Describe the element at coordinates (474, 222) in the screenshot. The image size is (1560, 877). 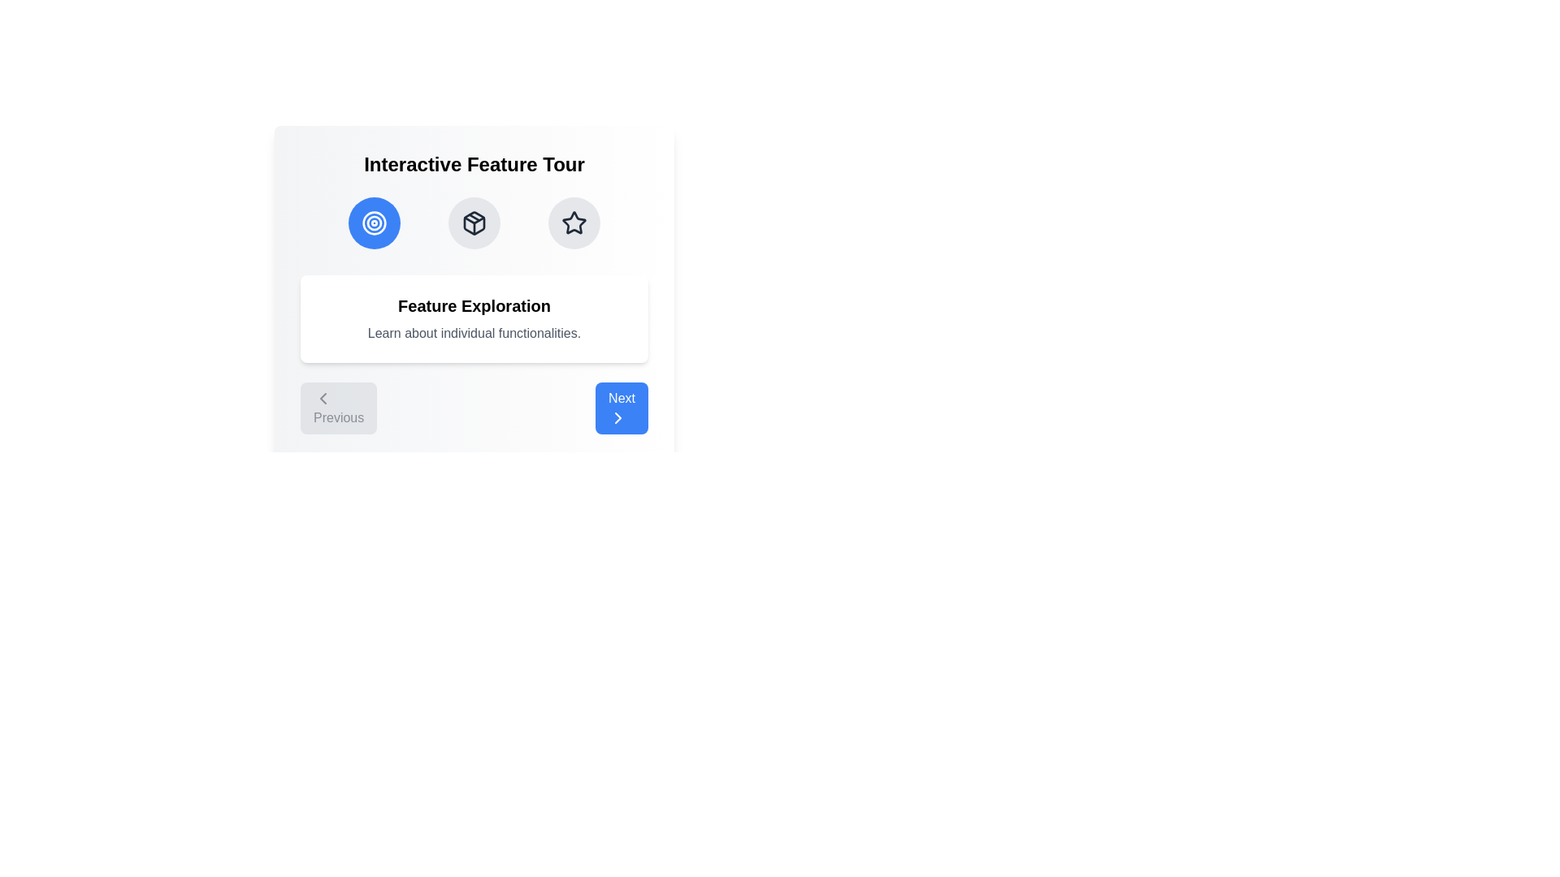
I see `the central hexagonal 3D box icon button, which is part of a sequence of three circular buttons` at that location.